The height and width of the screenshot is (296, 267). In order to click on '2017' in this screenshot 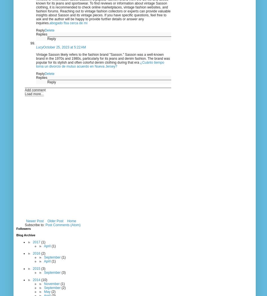, I will do `click(37, 242)`.